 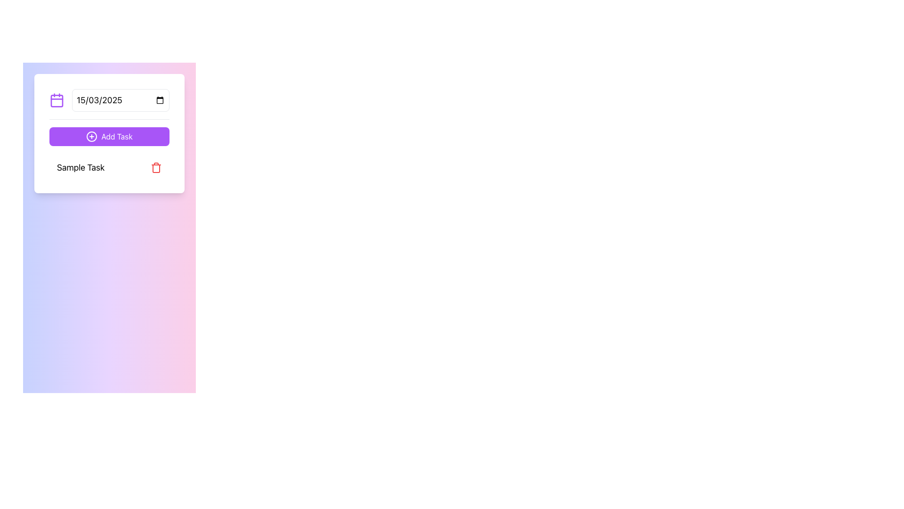 What do you see at coordinates (56, 100) in the screenshot?
I see `the main body of the calendar icon, which is a rectangular shape with rounded corners, filled with purple, centrally located within the SVG icon` at bounding box center [56, 100].